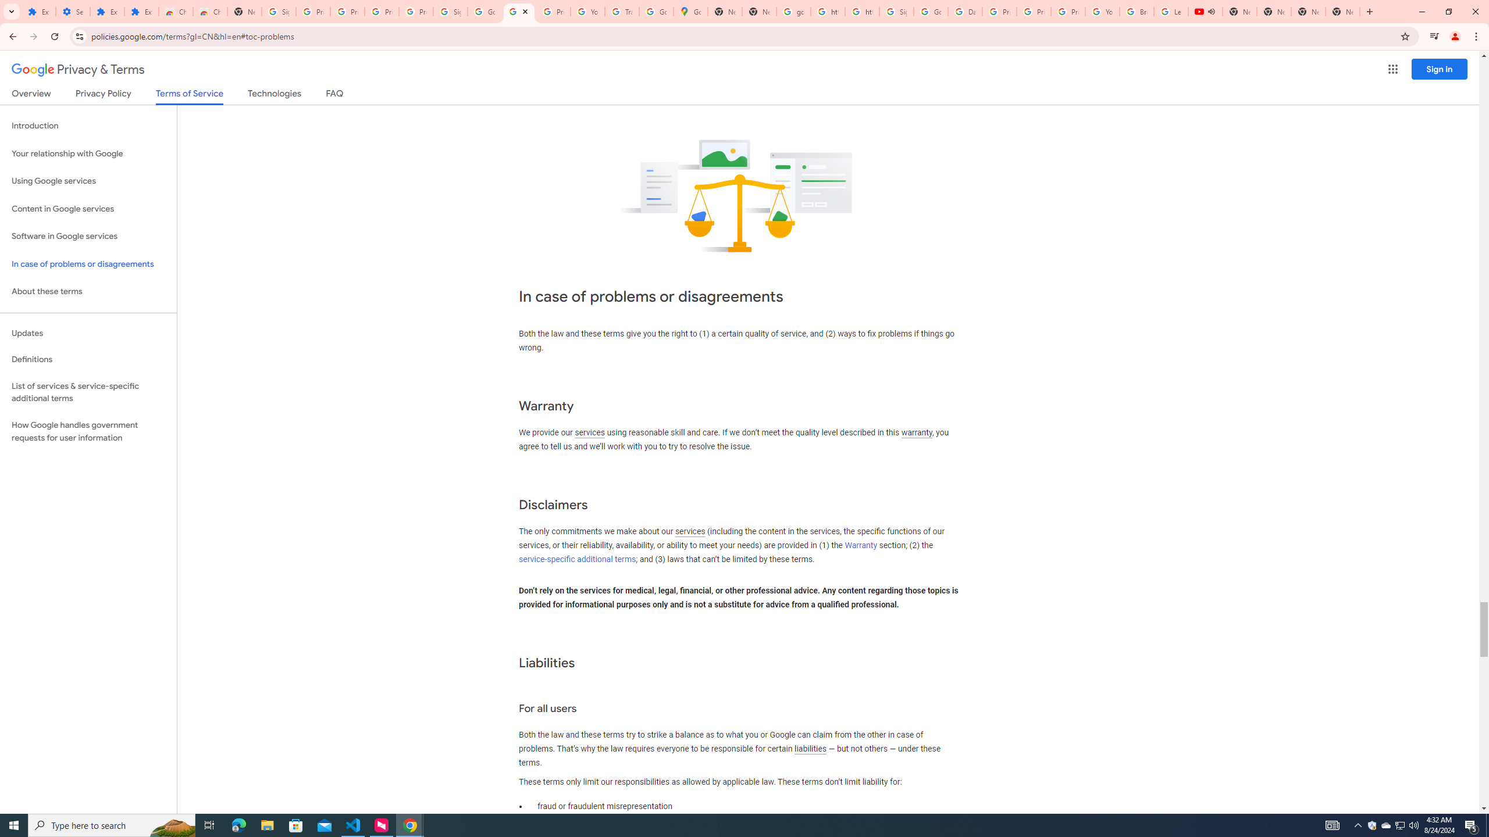 The height and width of the screenshot is (837, 1489). Describe the element at coordinates (576, 559) in the screenshot. I see `'service-specific additional terms'` at that location.